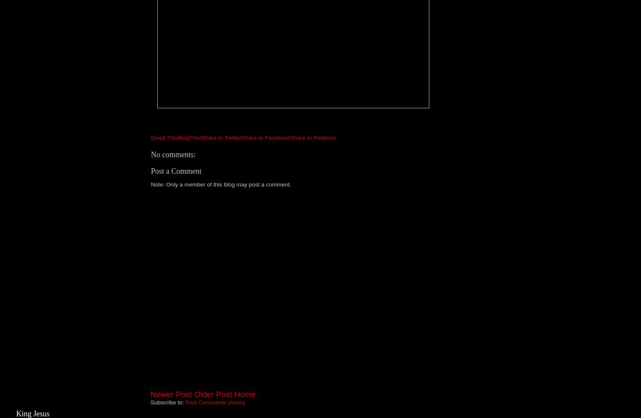 This screenshot has height=418, width=641. What do you see at coordinates (221, 184) in the screenshot?
I see `'Note: Only a member of this blog may post a comment.'` at bounding box center [221, 184].